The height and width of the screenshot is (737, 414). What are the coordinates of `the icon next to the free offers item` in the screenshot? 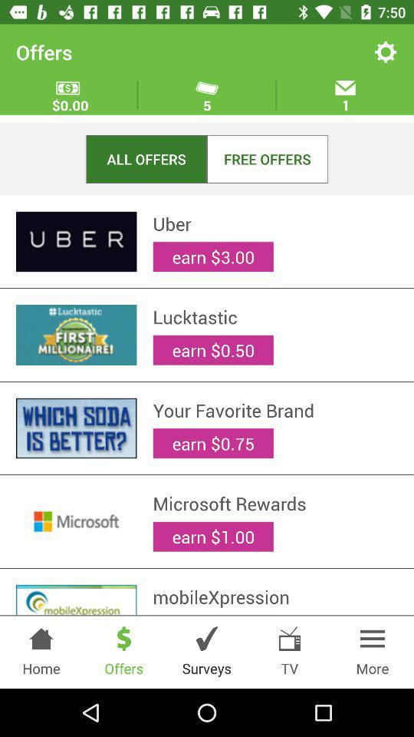 It's located at (146, 159).